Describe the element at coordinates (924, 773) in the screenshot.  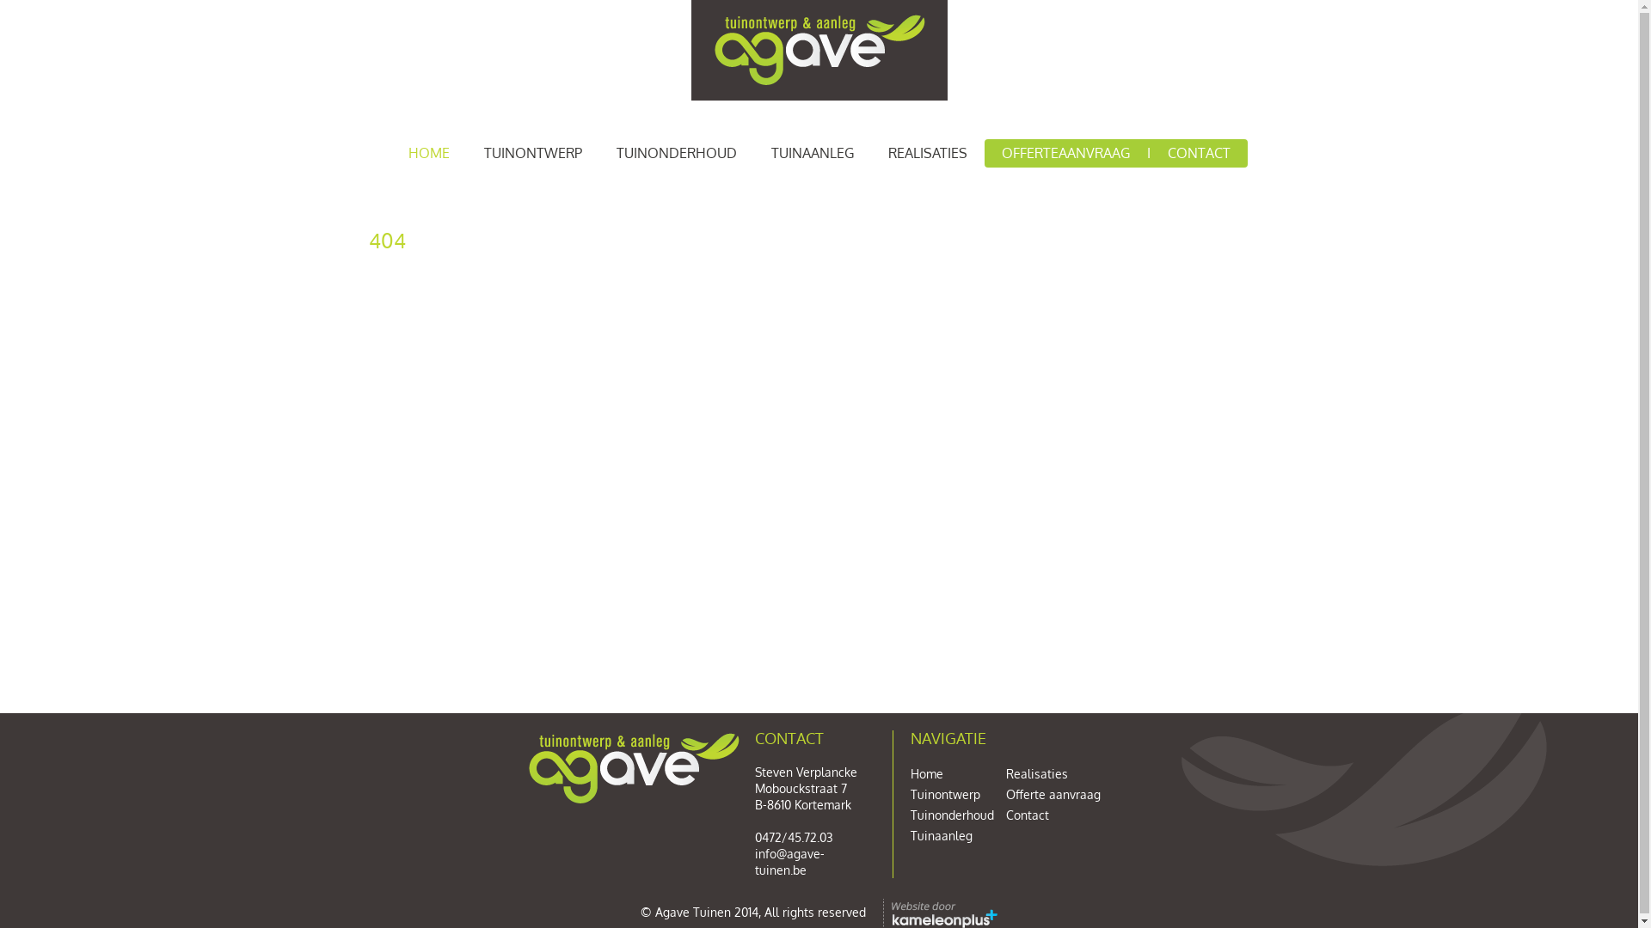
I see `'Home'` at that location.